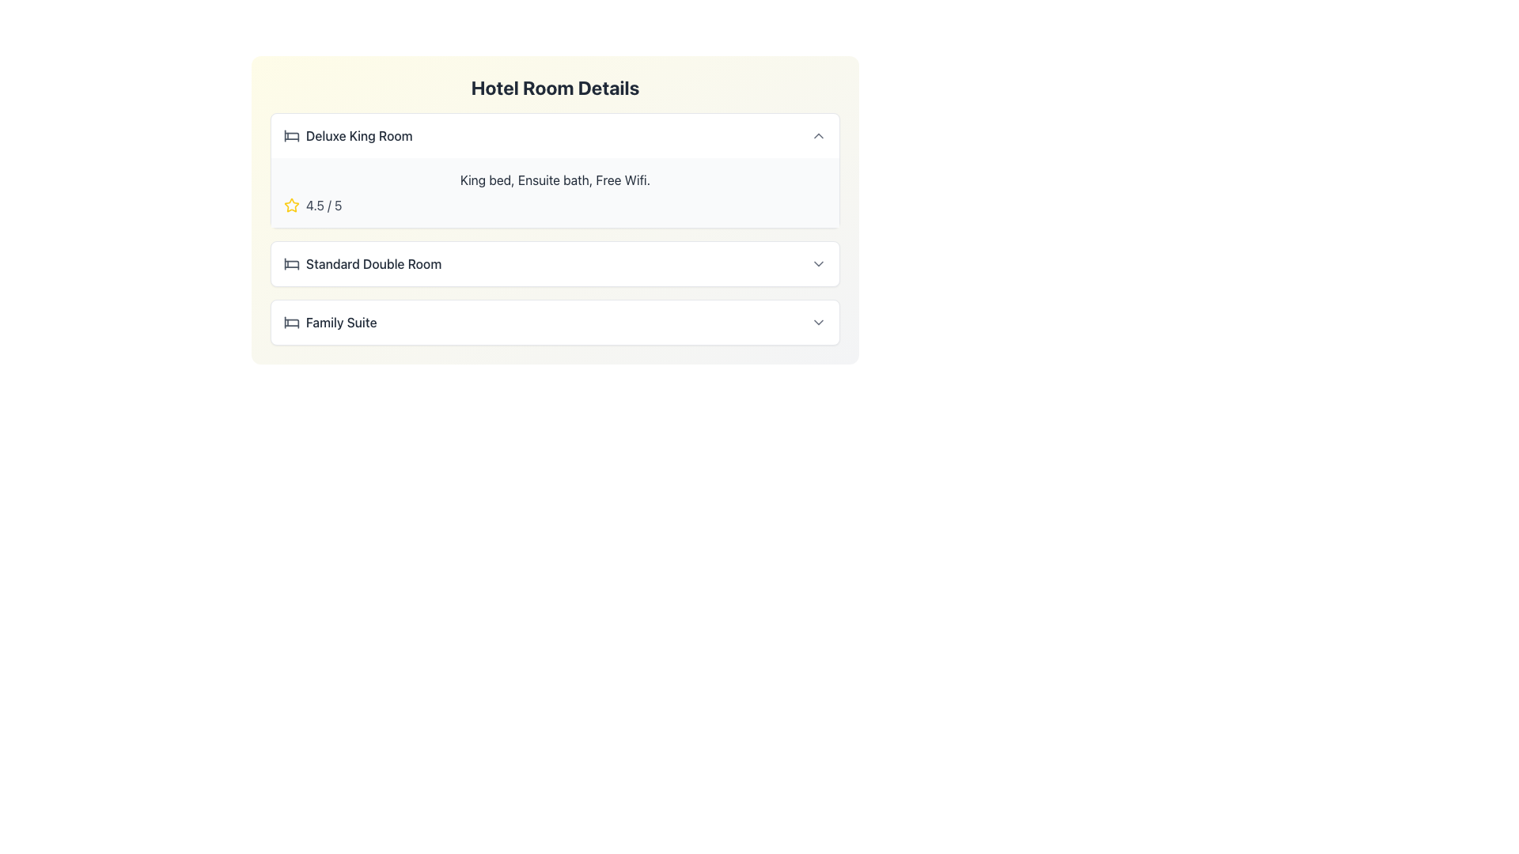  Describe the element at coordinates (329, 322) in the screenshot. I see `to select the 'Family Suite' room type option in the hotel room selection interface, which is the third item in the list below 'Deluxe King Room' and 'Standard Double Room'` at that location.